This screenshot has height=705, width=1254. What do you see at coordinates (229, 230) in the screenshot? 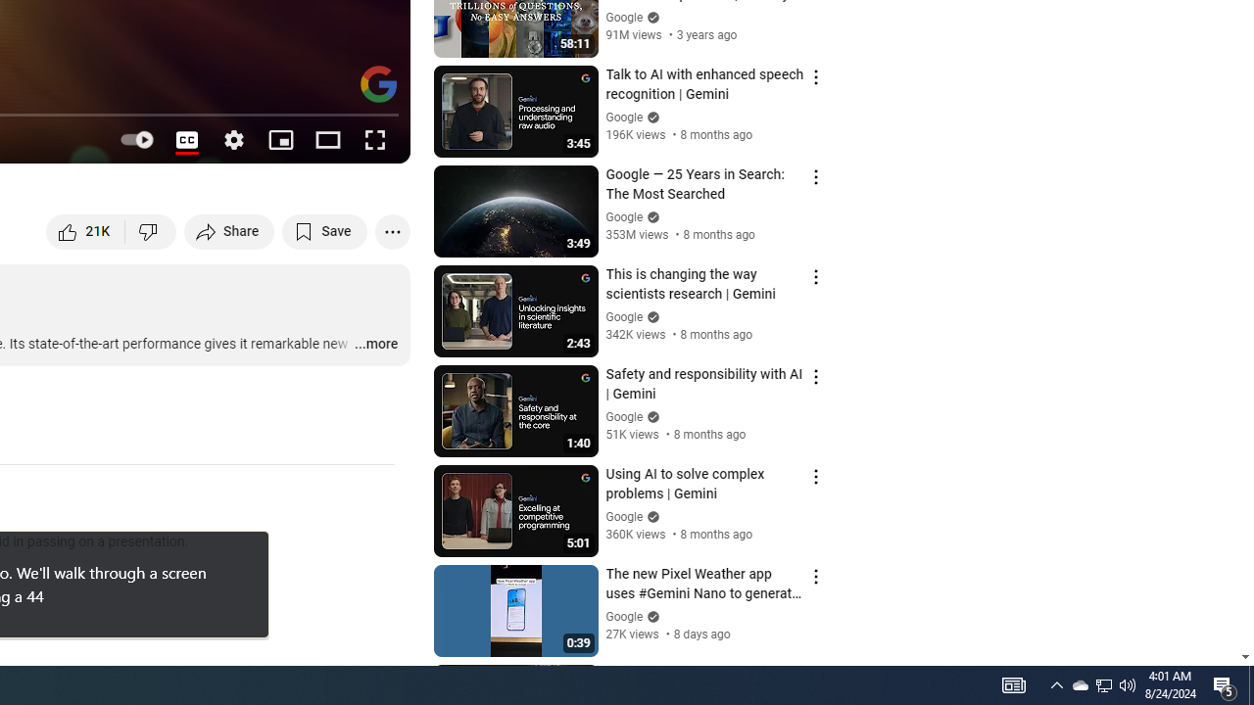
I see `'Share'` at bounding box center [229, 230].